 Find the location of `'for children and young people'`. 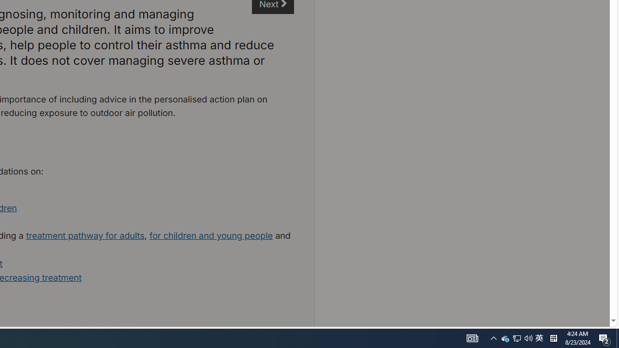

'for children and young people' is located at coordinates (210, 235).